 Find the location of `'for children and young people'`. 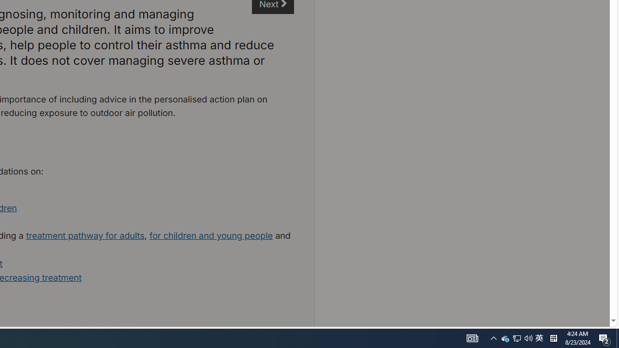

'for children and young people' is located at coordinates (210, 235).